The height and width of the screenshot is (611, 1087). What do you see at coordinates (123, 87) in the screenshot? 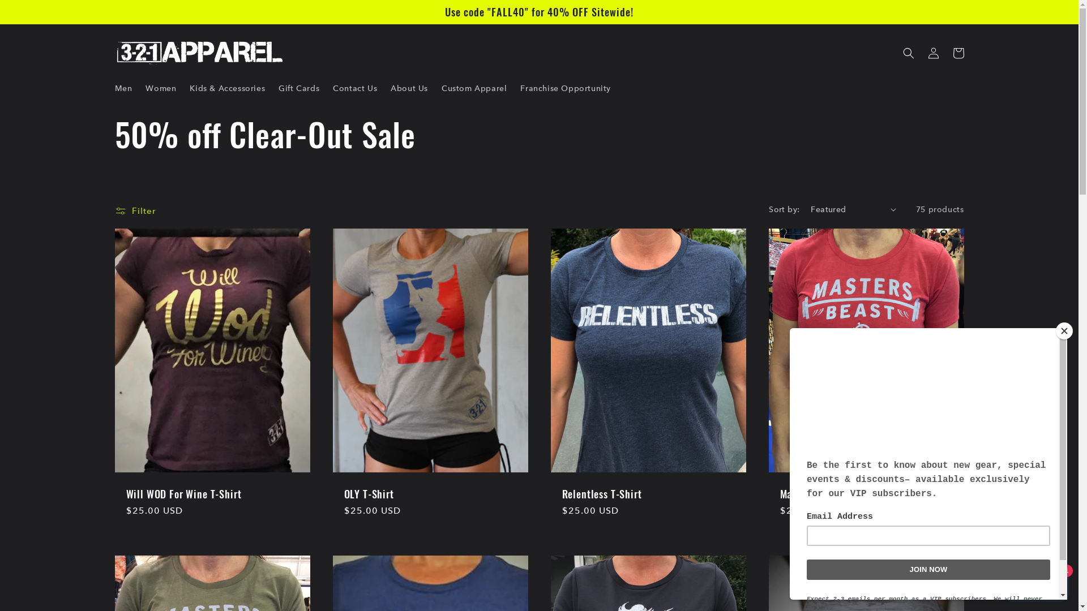
I see `'Men'` at bounding box center [123, 87].